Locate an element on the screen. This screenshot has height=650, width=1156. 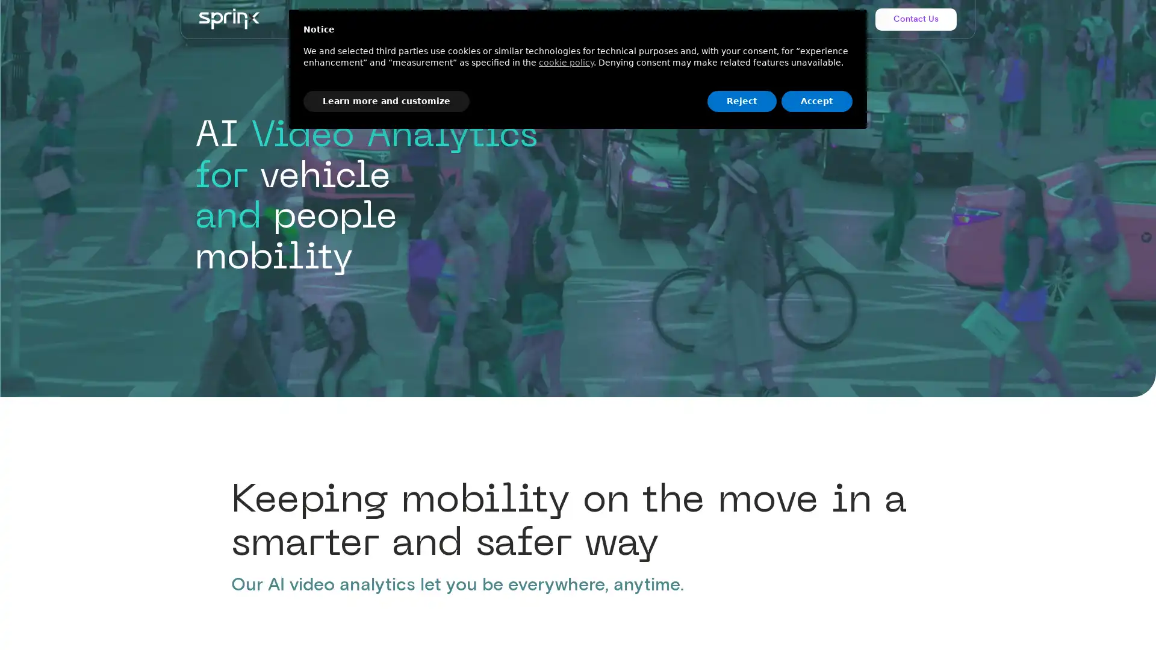
Learn more and customize is located at coordinates (387, 101).